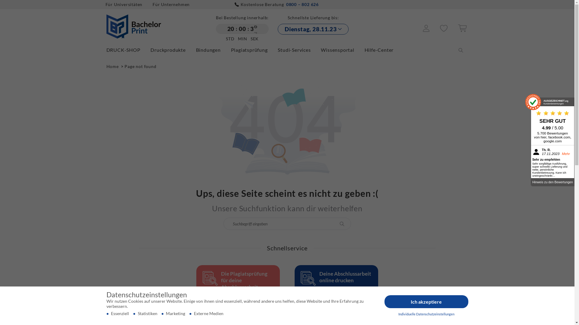  I want to click on 'Druckprodukte', so click(150, 49).